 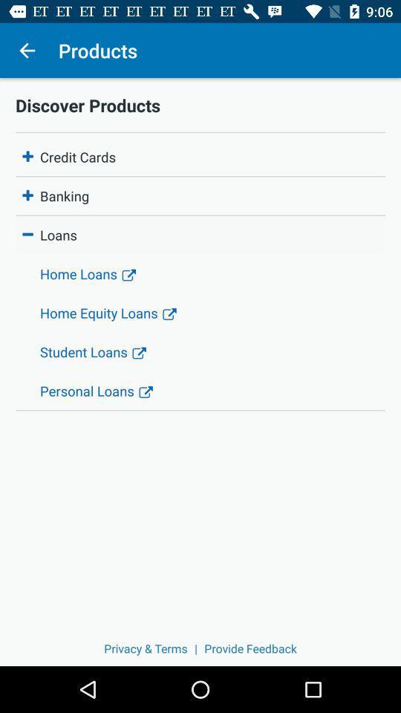 I want to click on the icon next to products, so click(x=27, y=51).